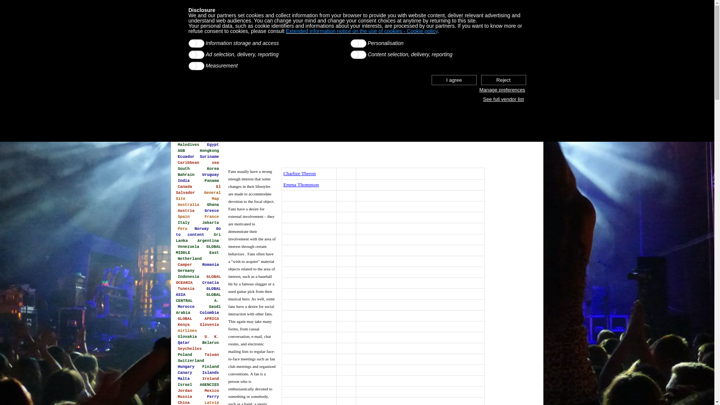  Describe the element at coordinates (185, 390) in the screenshot. I see `'Jordan'` at that location.